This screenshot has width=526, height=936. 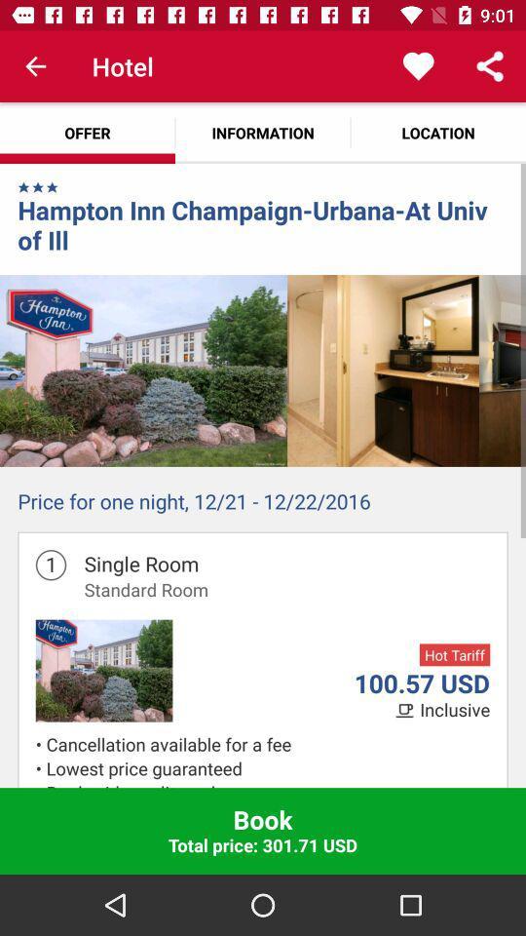 I want to click on item above the offer icon, so click(x=35, y=66).